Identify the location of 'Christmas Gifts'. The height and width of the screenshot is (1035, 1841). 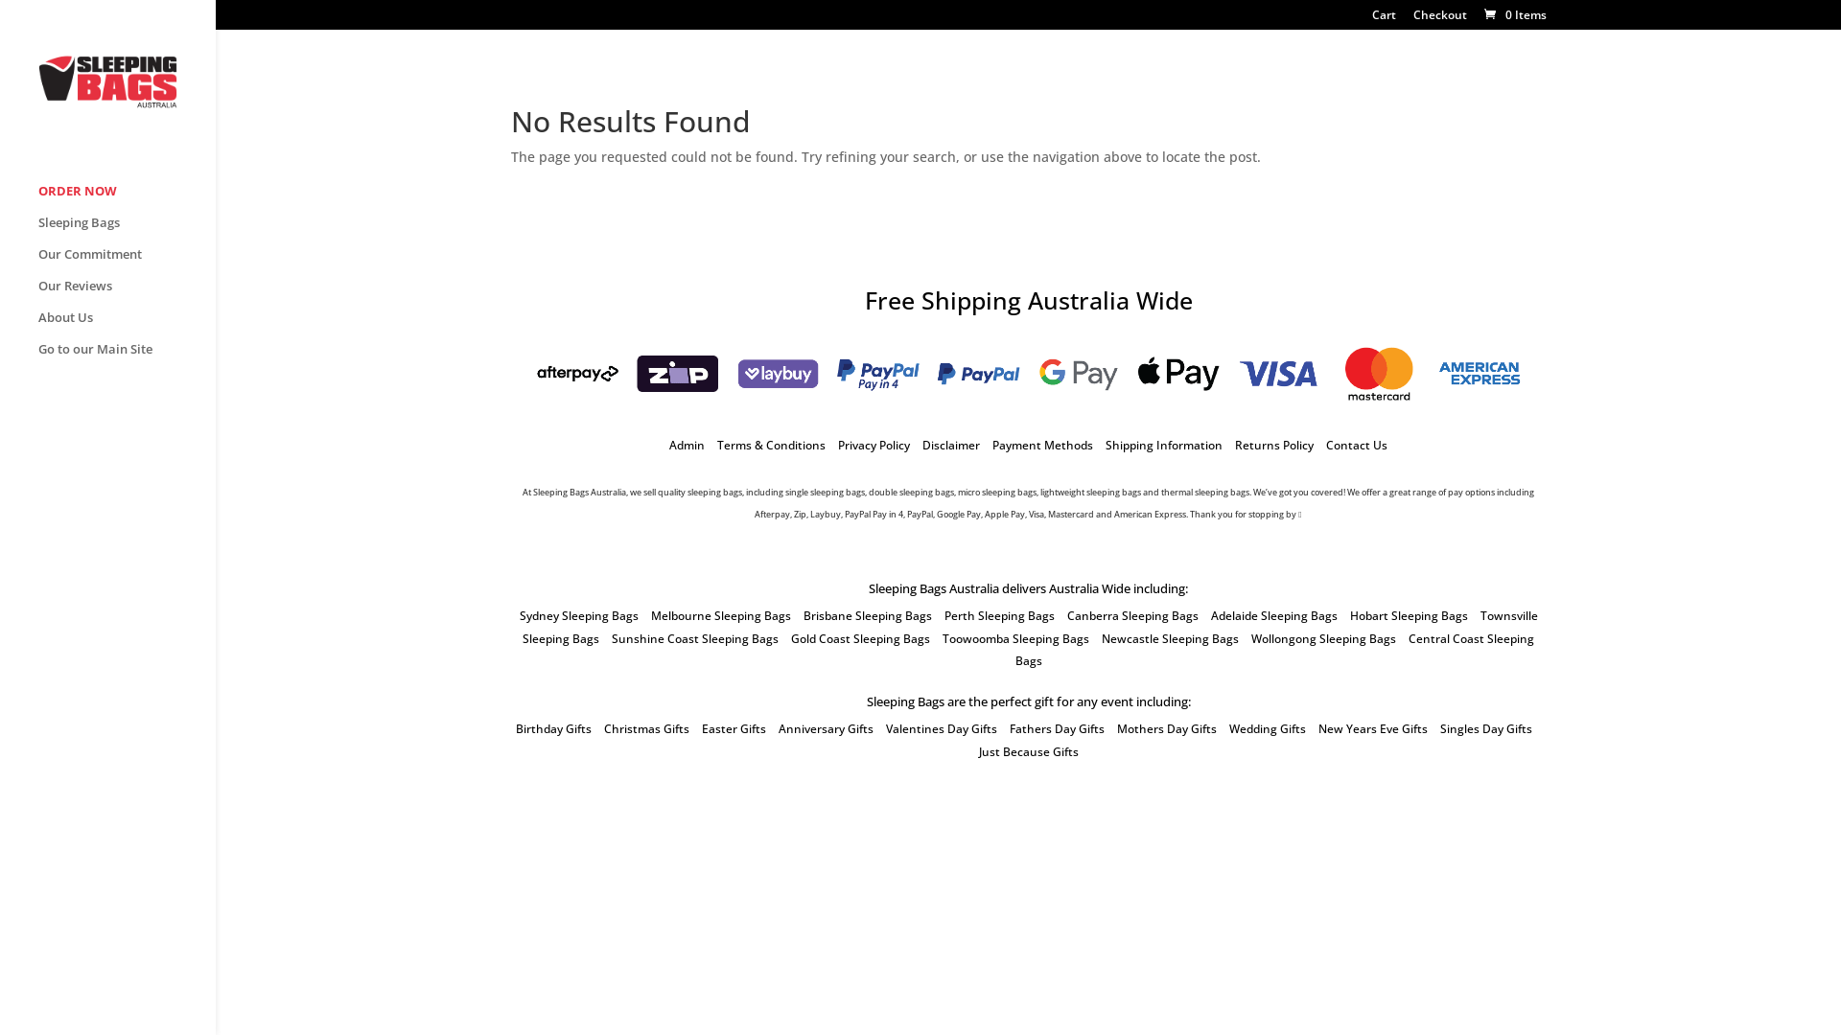
(602, 728).